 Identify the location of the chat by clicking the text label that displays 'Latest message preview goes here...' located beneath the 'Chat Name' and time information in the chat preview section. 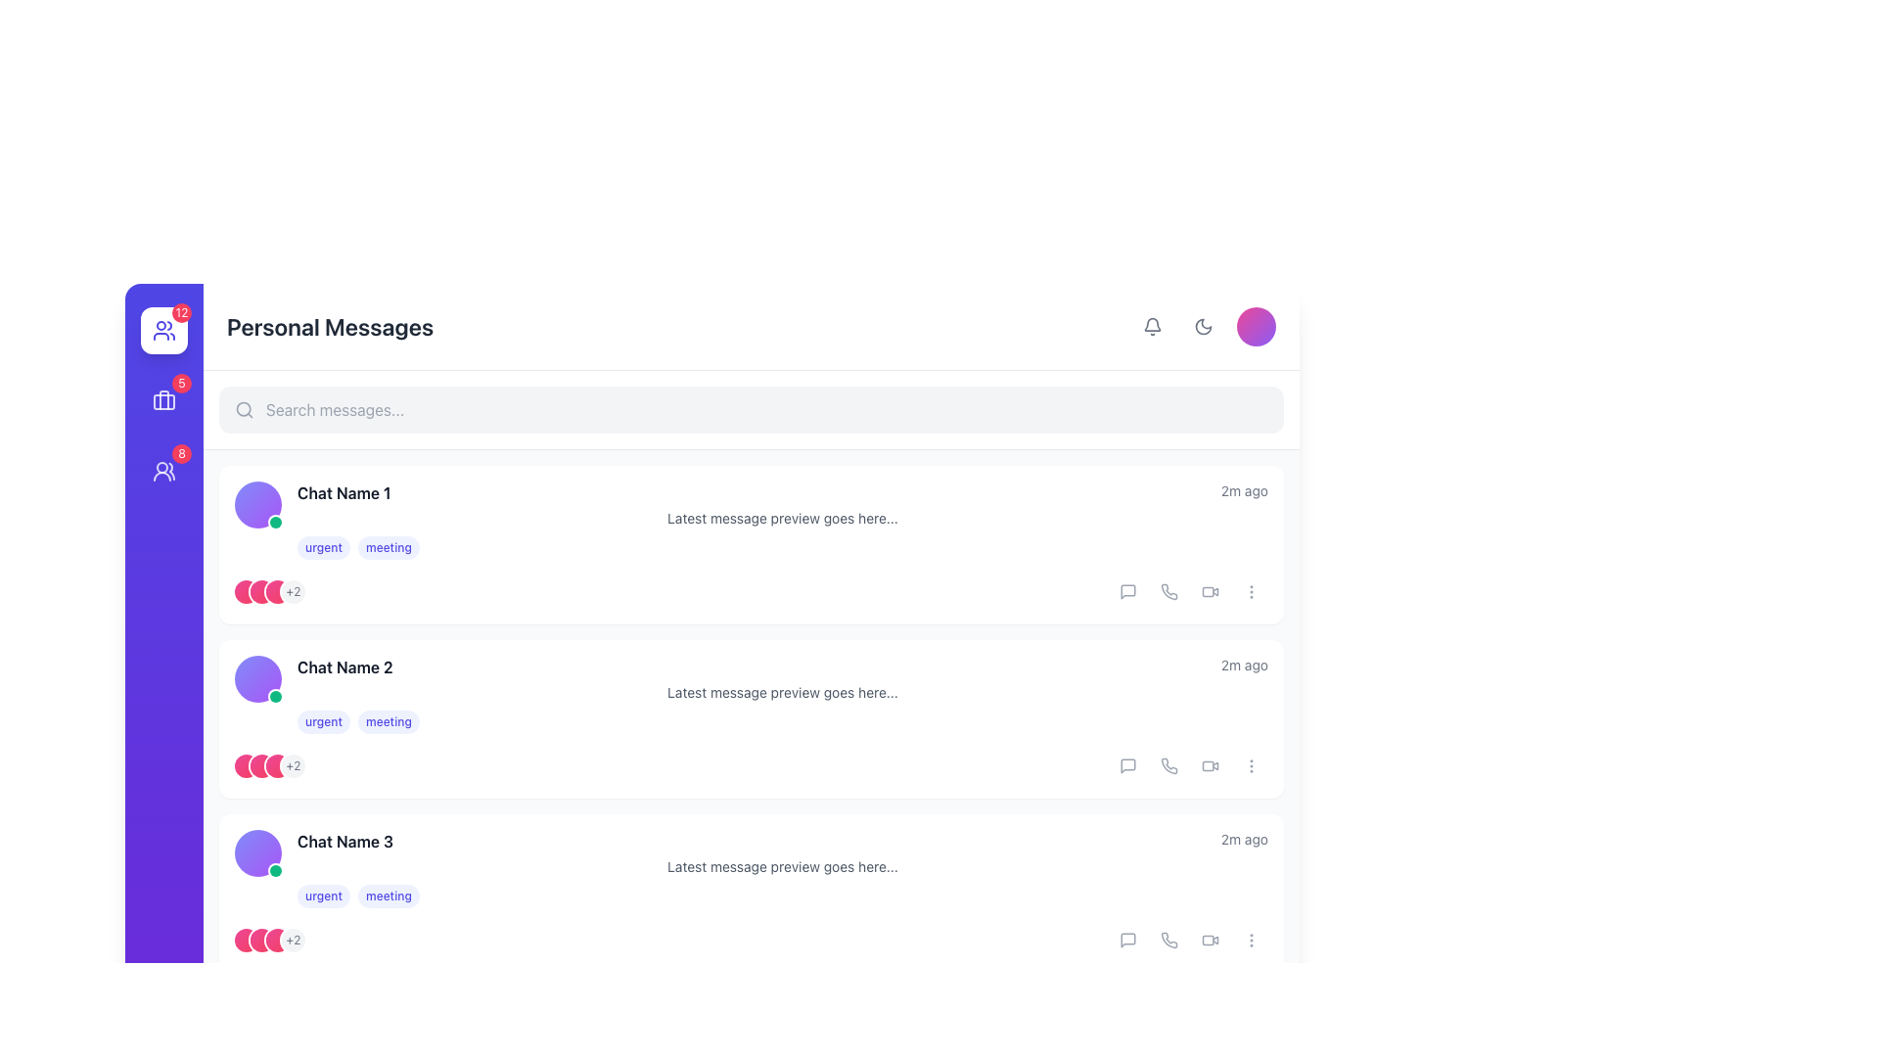
(783, 517).